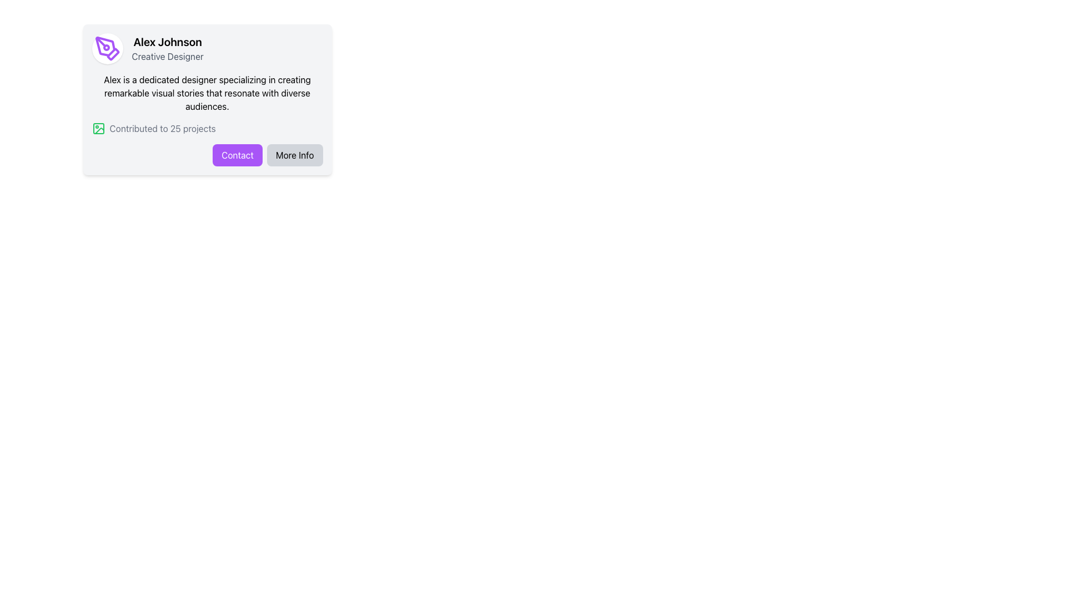 This screenshot has height=599, width=1066. I want to click on styling of the decorative icon located to the immediate left of the text 'Contributed to 25 projects' in the bottom part of the main profile card, so click(98, 128).